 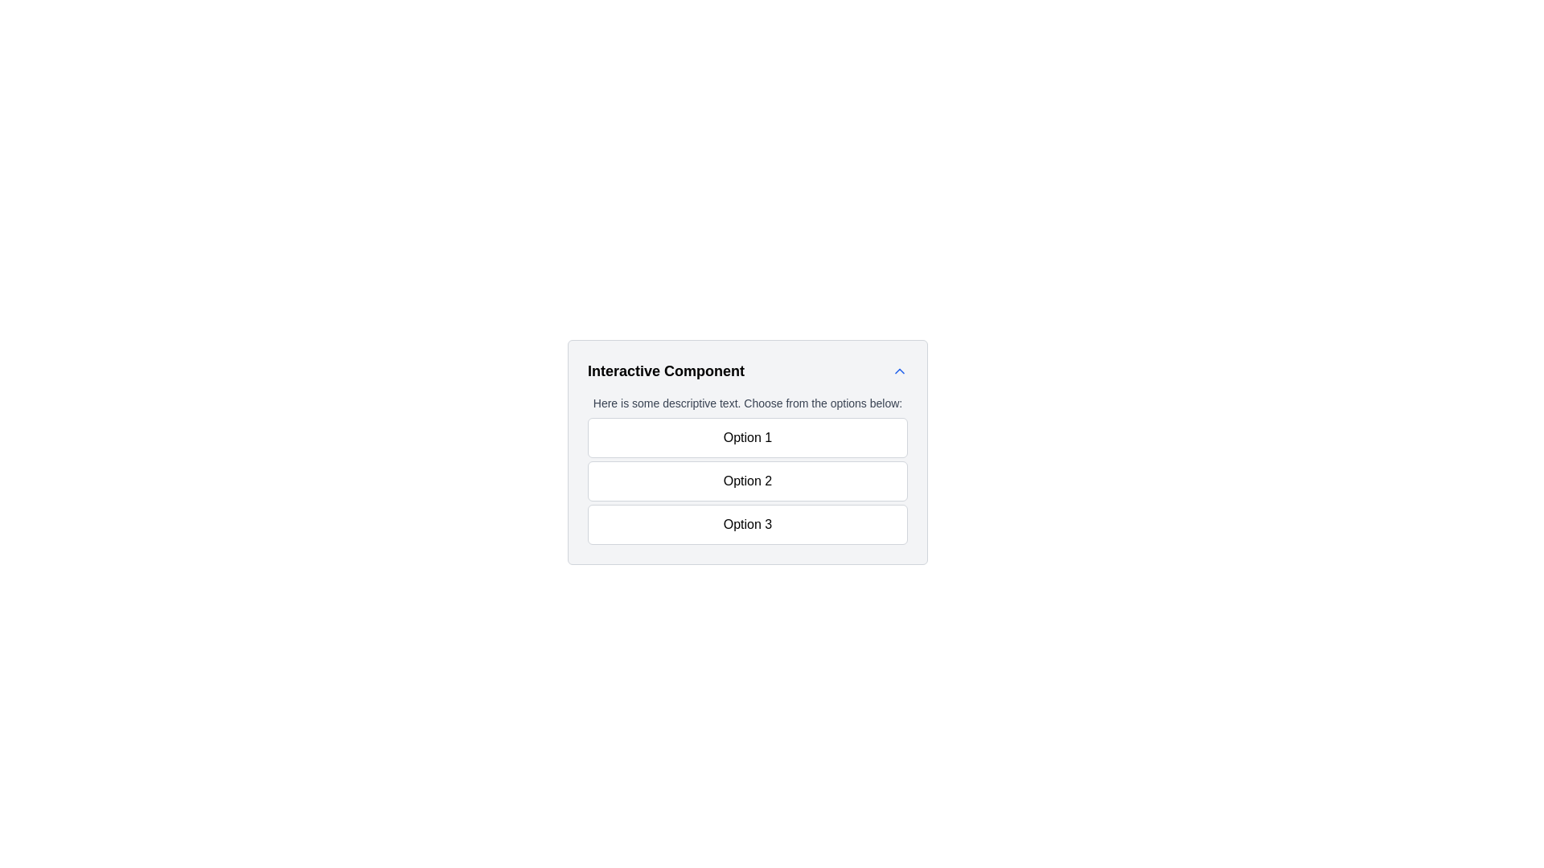 What do you see at coordinates (747, 480) in the screenshot?
I see `the button labeled 'Option 2', which is a rectangular button with a white background and rounded corners, positioned between 'Option 1' and 'Option 3'` at bounding box center [747, 480].